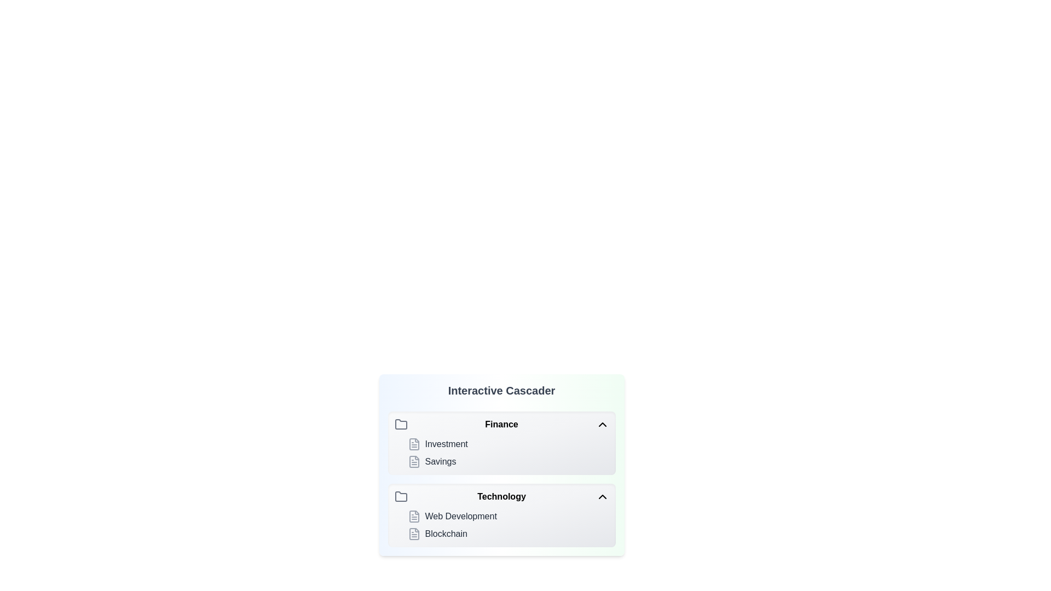  What do you see at coordinates (507, 533) in the screenshot?
I see `the 'Blockchain' selectable menu item located in the 'Technology' group` at bounding box center [507, 533].